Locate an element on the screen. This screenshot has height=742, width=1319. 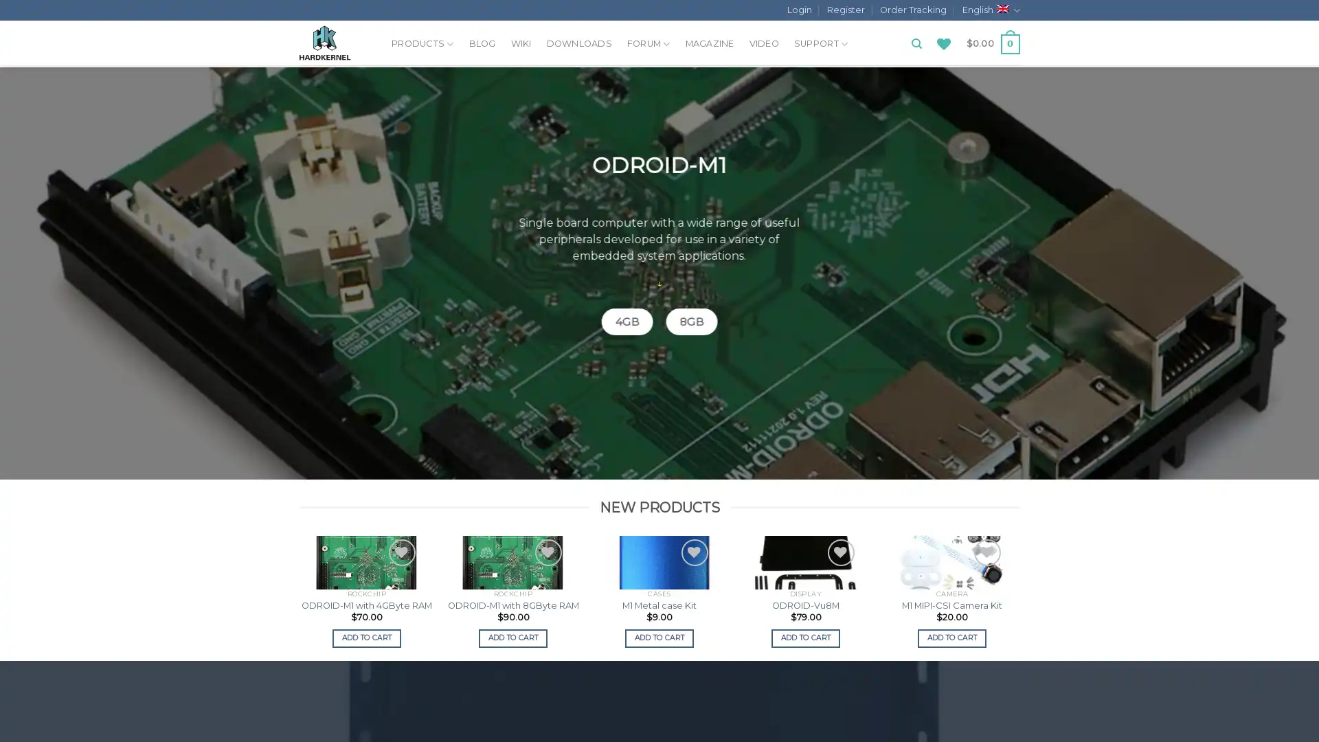
Wishlist is located at coordinates (547, 552).